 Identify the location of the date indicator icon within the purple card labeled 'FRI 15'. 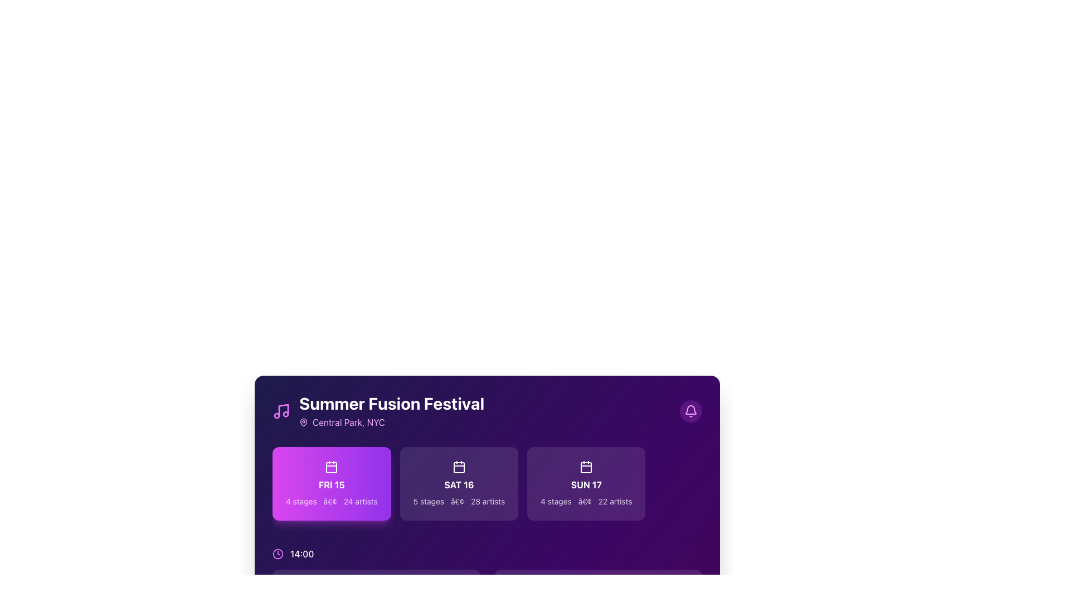
(331, 468).